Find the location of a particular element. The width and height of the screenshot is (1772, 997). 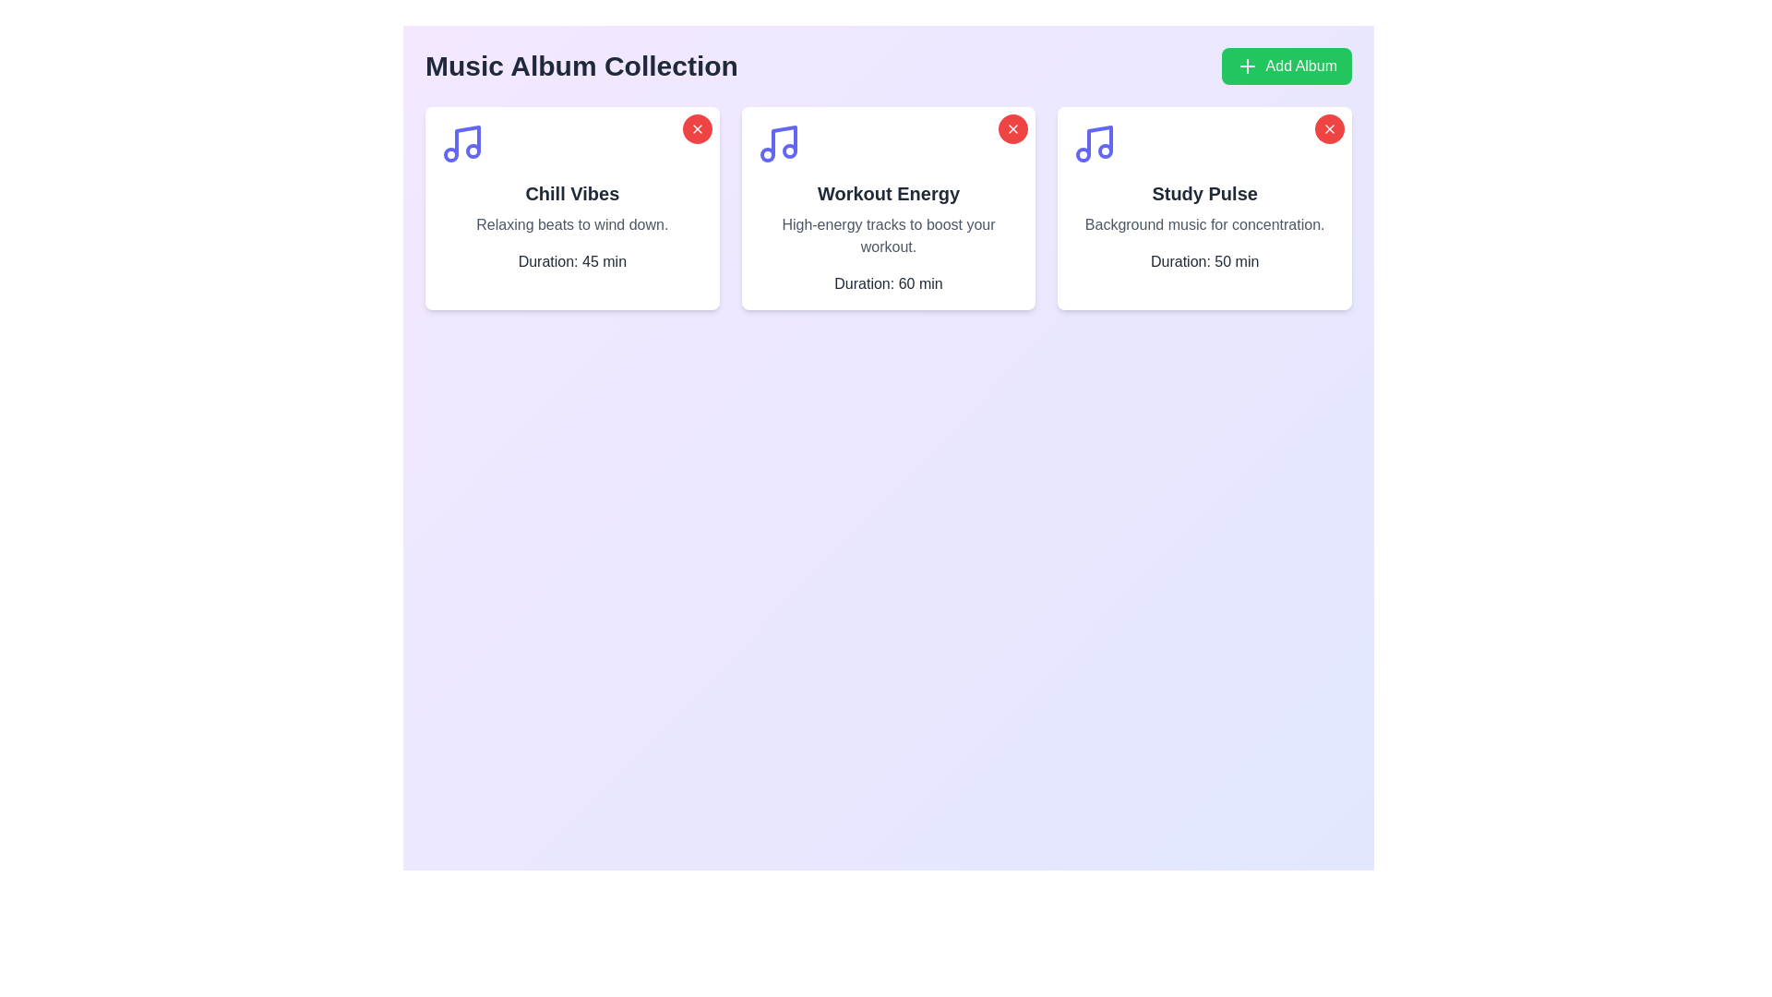

the Close button icon in the top-right corner of the 'Study Pulse' card to potentially reveal additional information is located at coordinates (1012, 127).